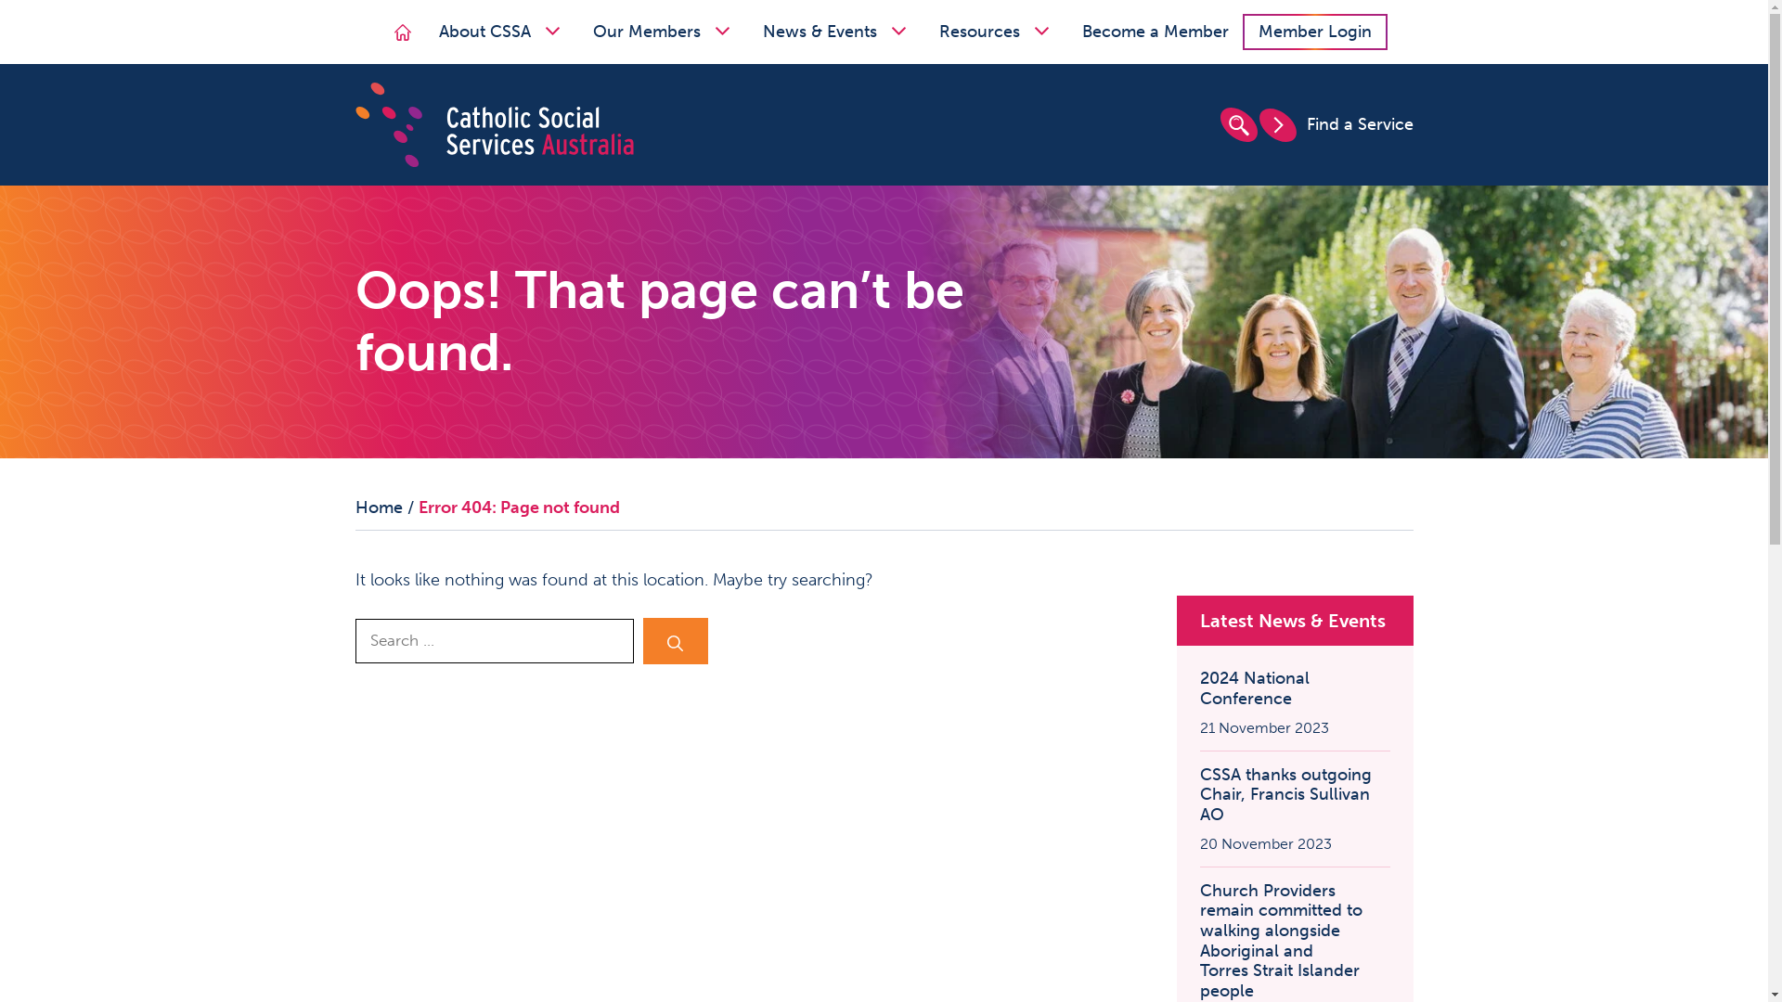  I want to click on 'Our Members', so click(664, 32).